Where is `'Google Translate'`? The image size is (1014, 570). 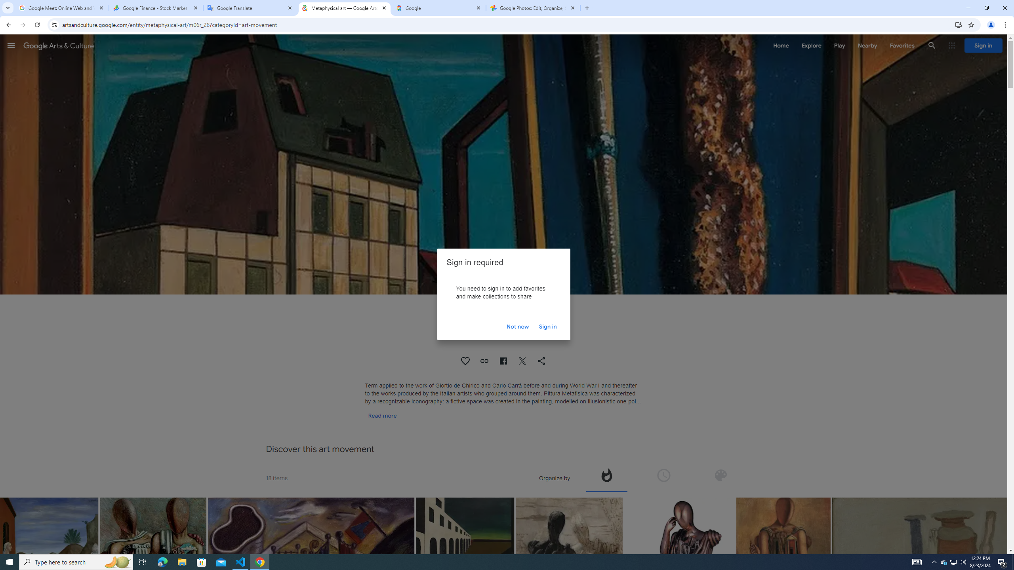
'Google Translate' is located at coordinates (250, 8).